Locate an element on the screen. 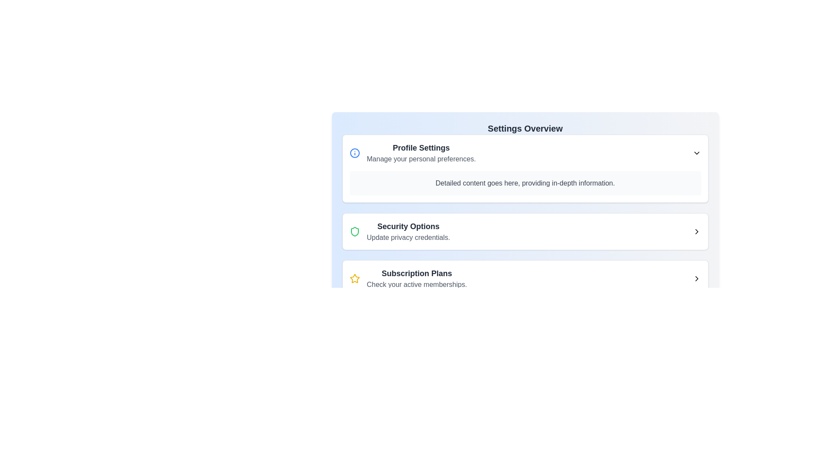  the 'Profile Settings' header in the Settings Overview module, which serves as the title for the profile settings section is located at coordinates (421, 148).